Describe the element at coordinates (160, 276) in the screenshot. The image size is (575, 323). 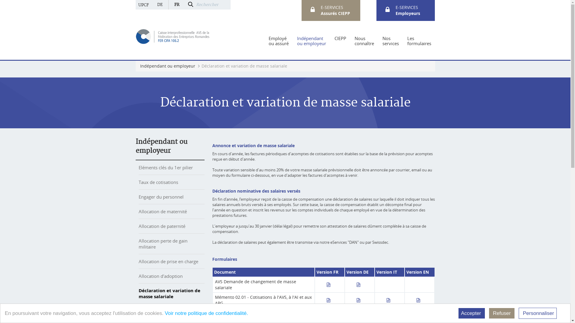
I see `'Allocation d'adoption'` at that location.